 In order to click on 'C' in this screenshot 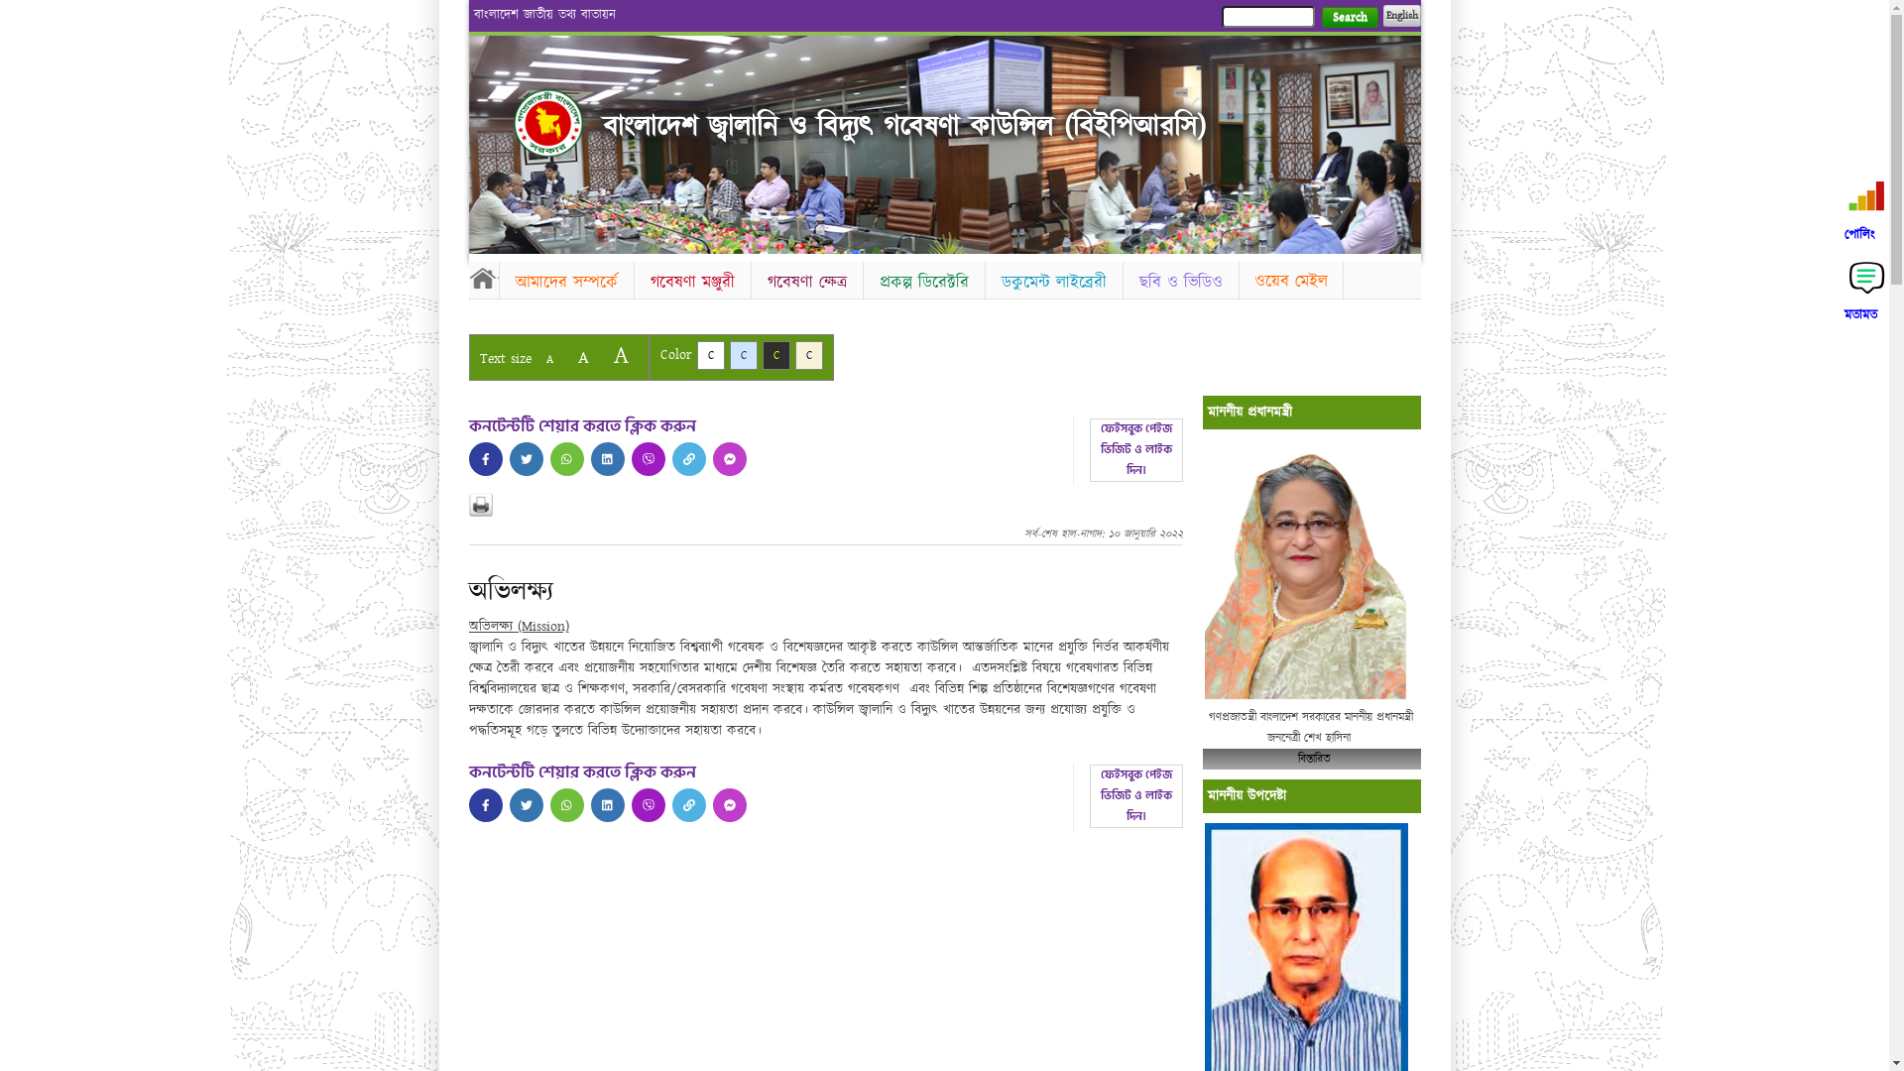, I will do `click(709, 354)`.